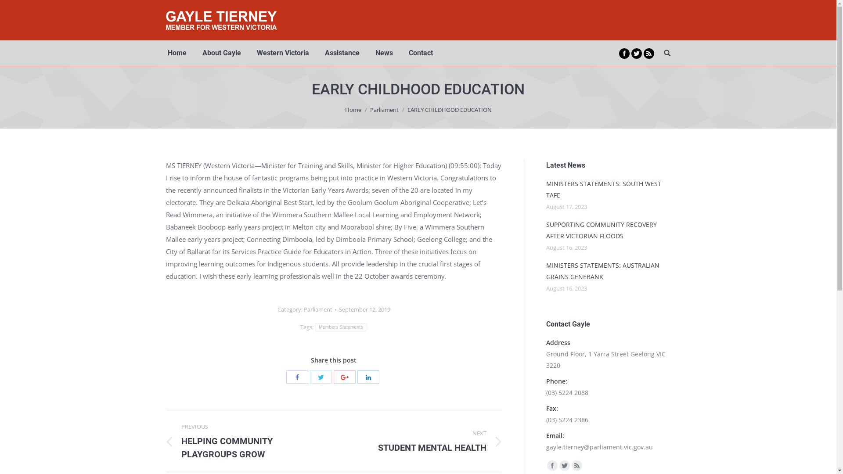 This screenshot has width=843, height=474. Describe the element at coordinates (221, 53) in the screenshot. I see `'About Gayle'` at that location.